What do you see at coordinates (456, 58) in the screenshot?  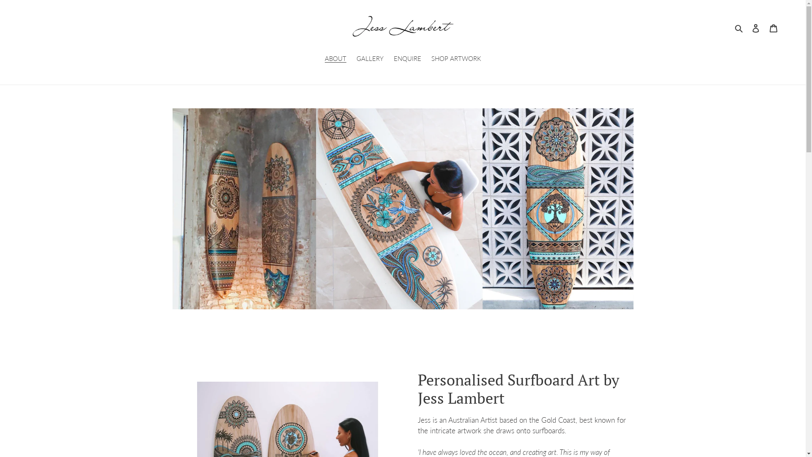 I see `'SHOP ARTWORK'` at bounding box center [456, 58].